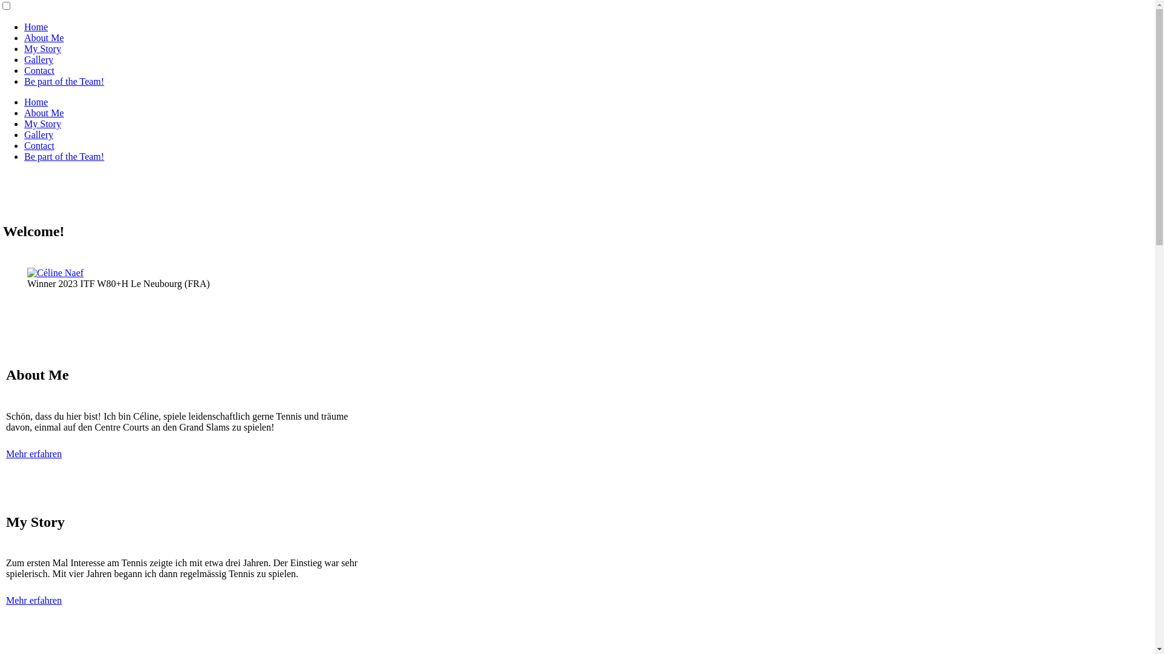 This screenshot has height=654, width=1164. What do you see at coordinates (24, 27) in the screenshot?
I see `'Home'` at bounding box center [24, 27].